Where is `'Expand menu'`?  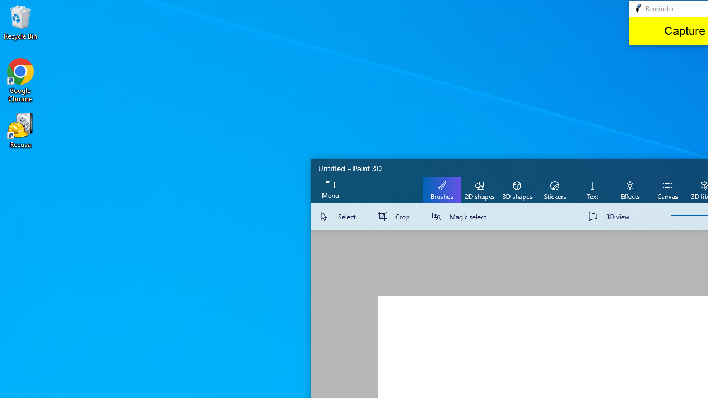
'Expand menu' is located at coordinates (330, 189).